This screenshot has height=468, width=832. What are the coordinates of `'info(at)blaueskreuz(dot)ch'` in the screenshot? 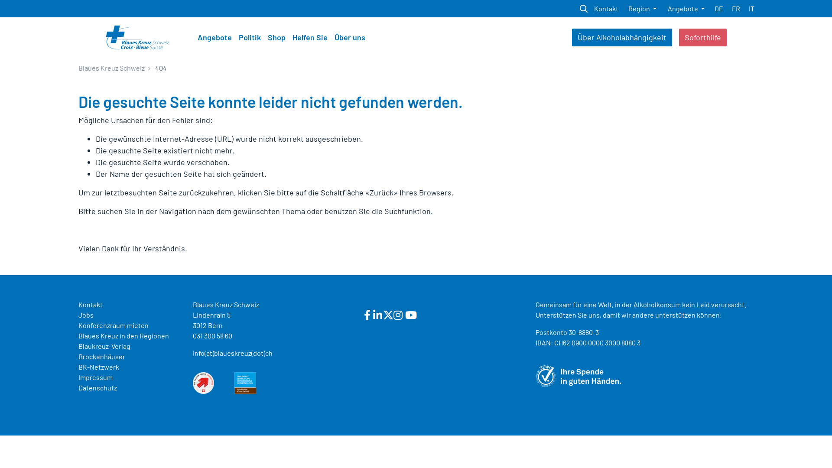 It's located at (233, 353).